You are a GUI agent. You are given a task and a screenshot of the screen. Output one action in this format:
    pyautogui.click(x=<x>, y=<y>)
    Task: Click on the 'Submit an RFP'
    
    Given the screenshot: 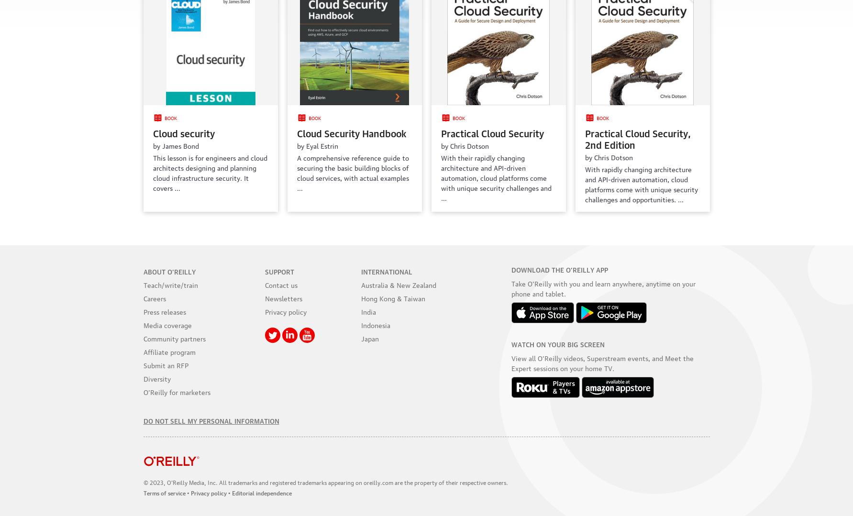 What is the action you would take?
    pyautogui.click(x=165, y=364)
    